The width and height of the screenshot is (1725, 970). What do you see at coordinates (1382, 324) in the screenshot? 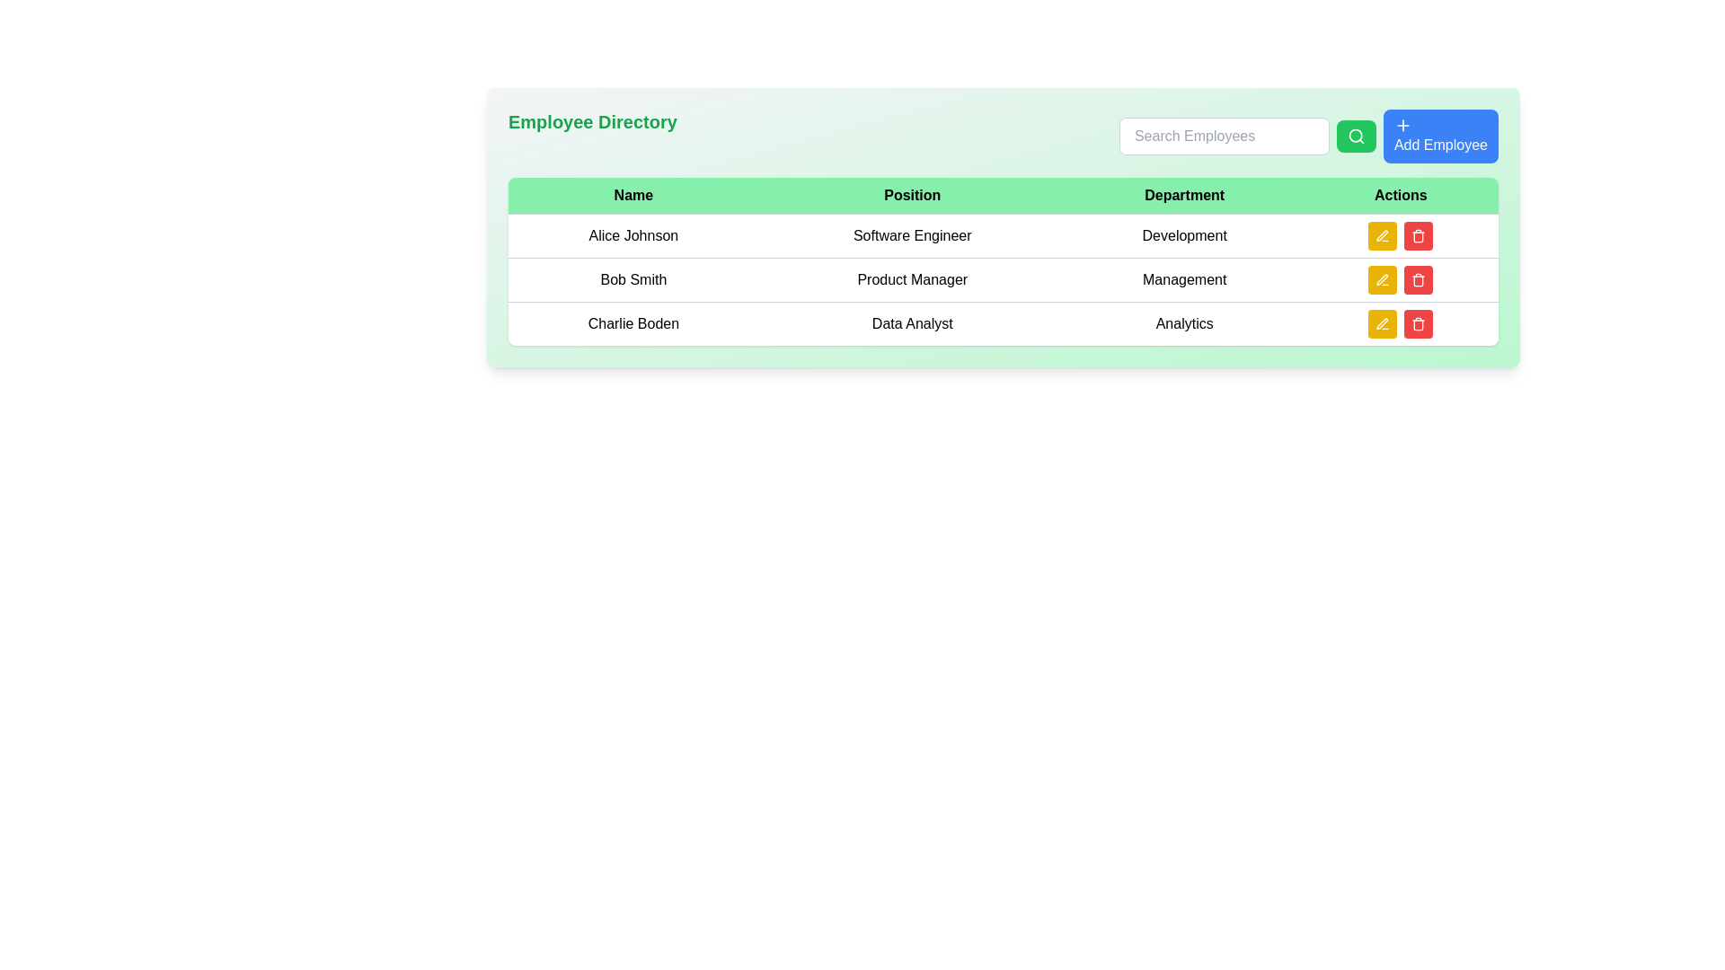
I see `the button with a yellow background and white text, located in the 'Actions' column, third row for the 'Analytics' department` at bounding box center [1382, 324].